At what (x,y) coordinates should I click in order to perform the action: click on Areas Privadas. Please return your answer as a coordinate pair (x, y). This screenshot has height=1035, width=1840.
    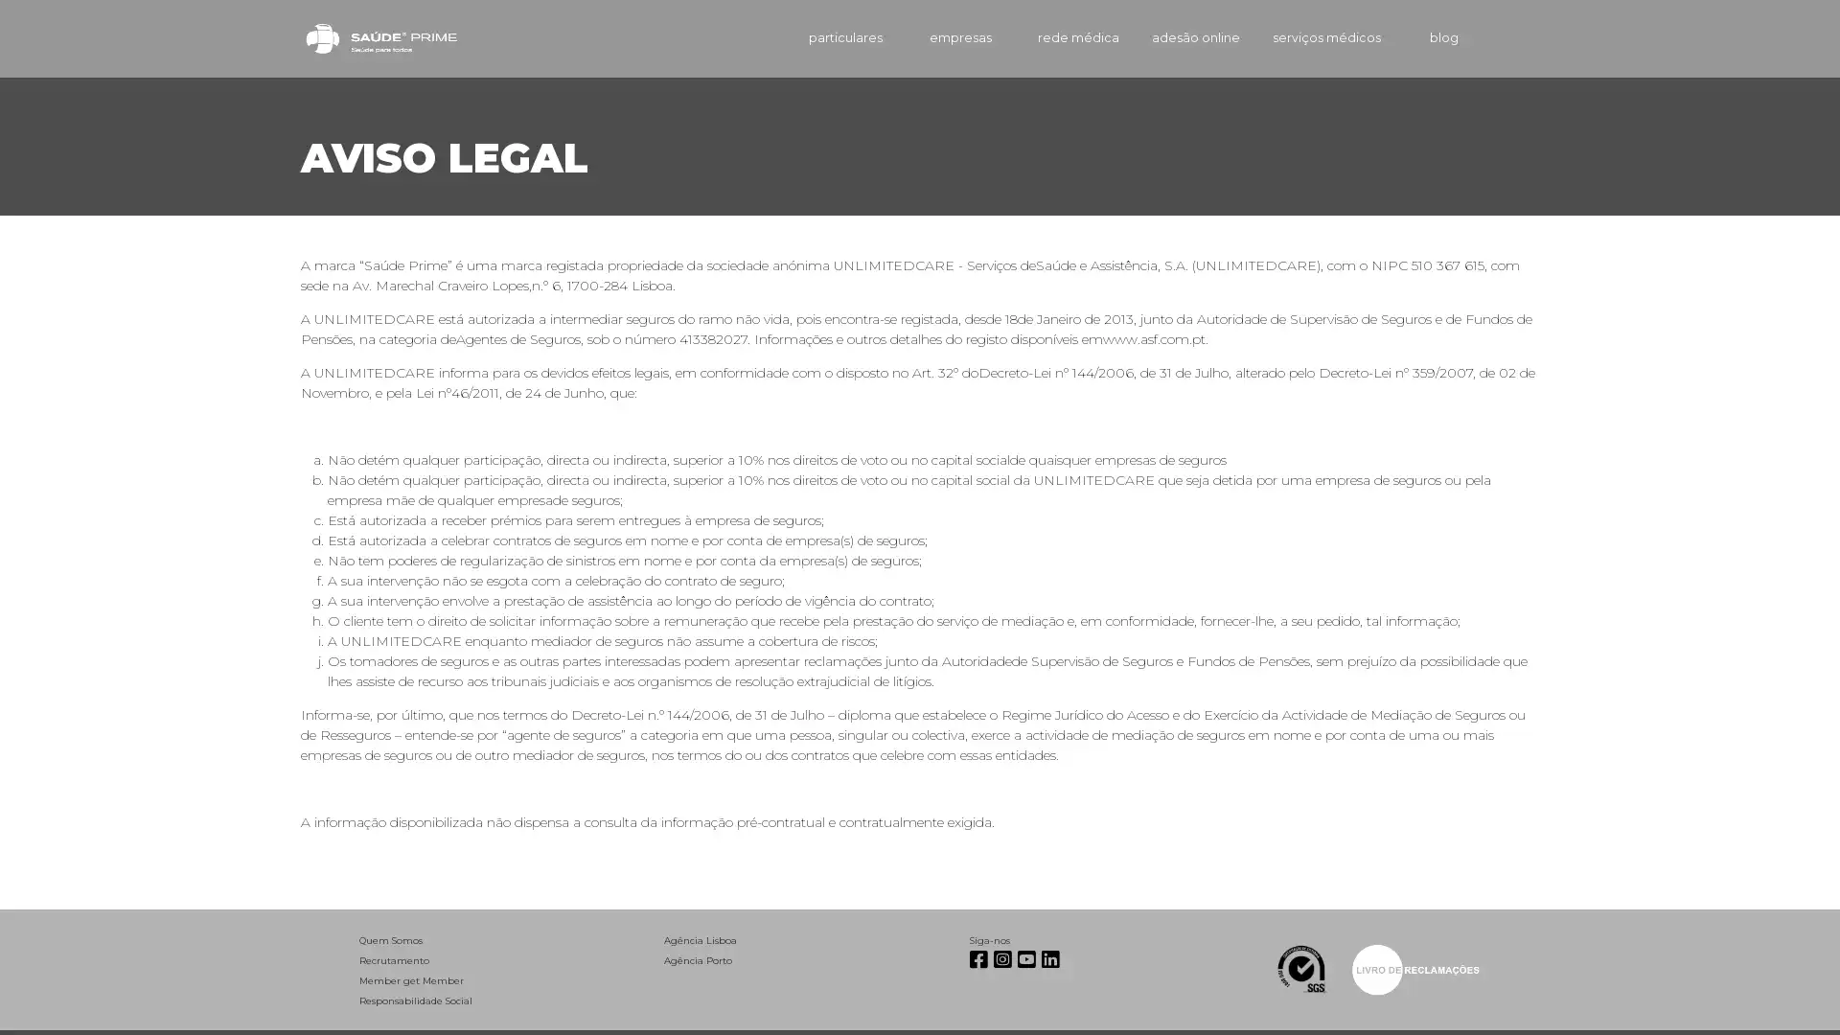
    Looking at the image, I should click on (1512, 37).